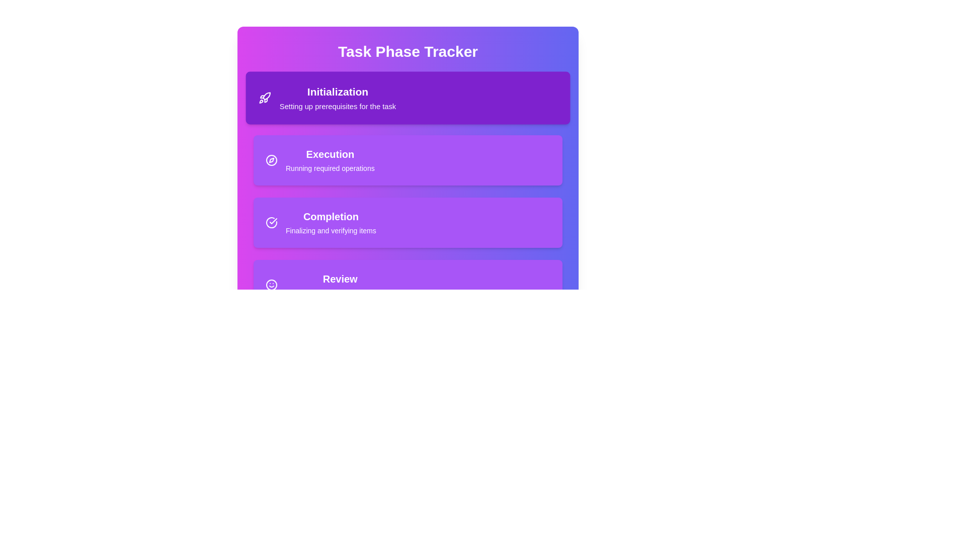 This screenshot has width=966, height=543. Describe the element at coordinates (331, 222) in the screenshot. I see `the text label titled 'Completion' in the 'Task Phase Tracker' interface, which is located in the third row of vertically stacked cards` at that location.